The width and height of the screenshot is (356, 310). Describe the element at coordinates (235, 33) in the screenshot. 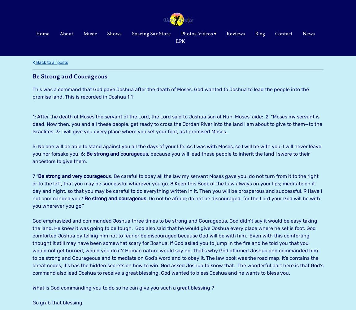

I see `'Reviews'` at that location.